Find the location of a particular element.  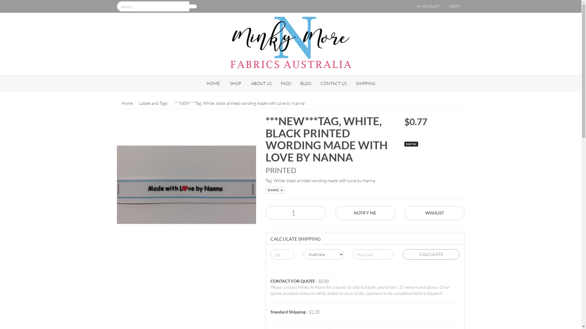

'SHOP' is located at coordinates (235, 83).